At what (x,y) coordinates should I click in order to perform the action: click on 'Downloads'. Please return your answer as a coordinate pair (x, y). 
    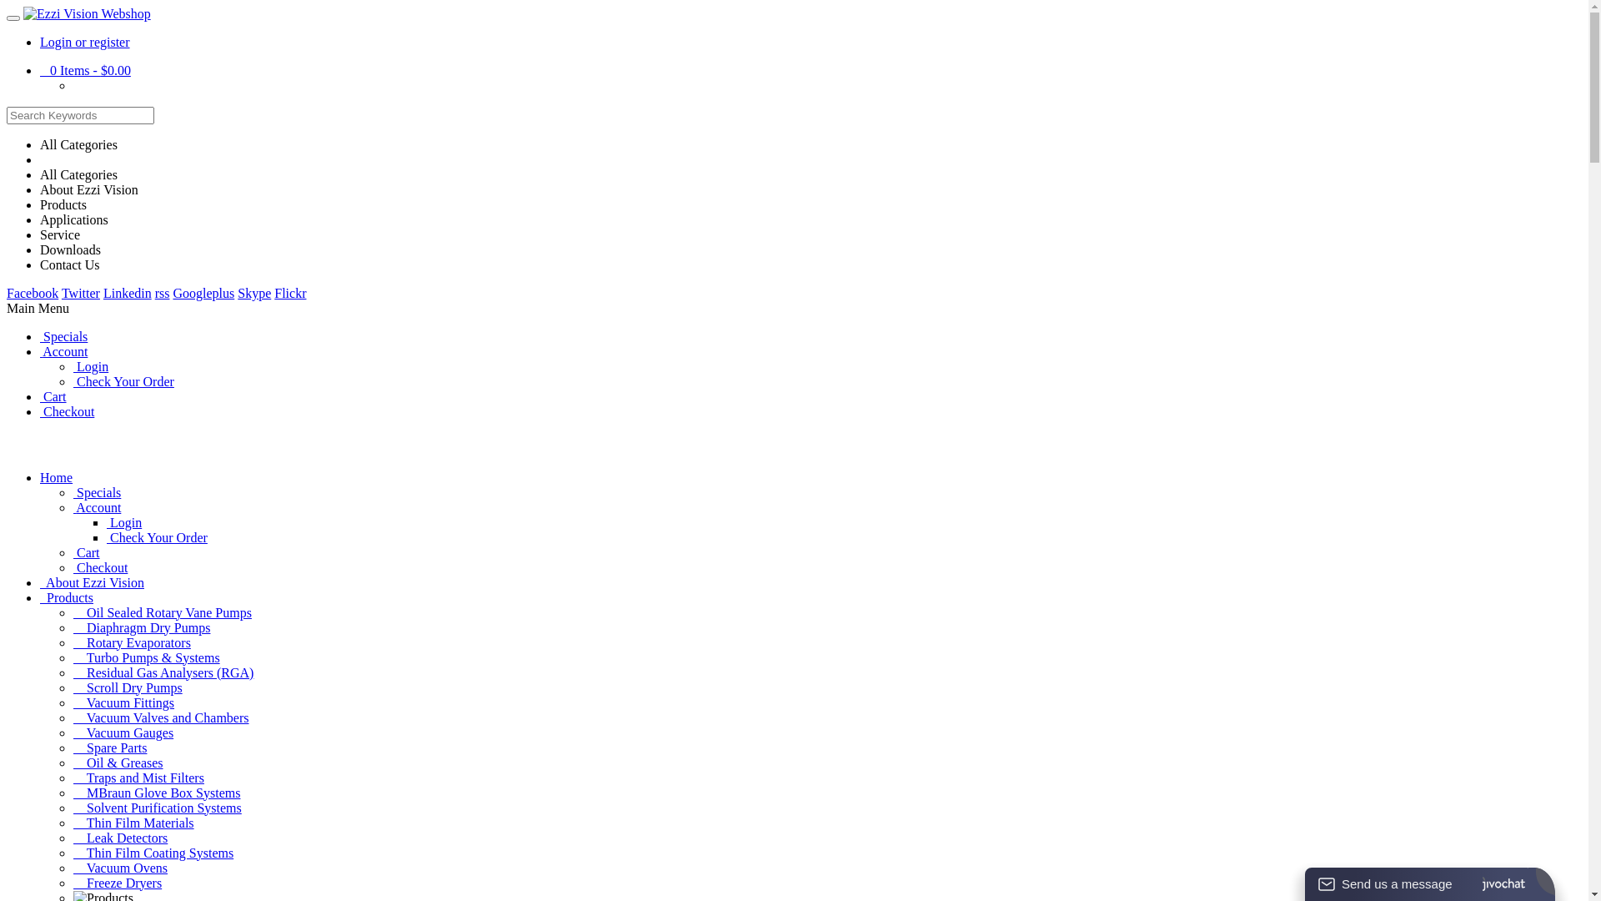
    Looking at the image, I should click on (69, 249).